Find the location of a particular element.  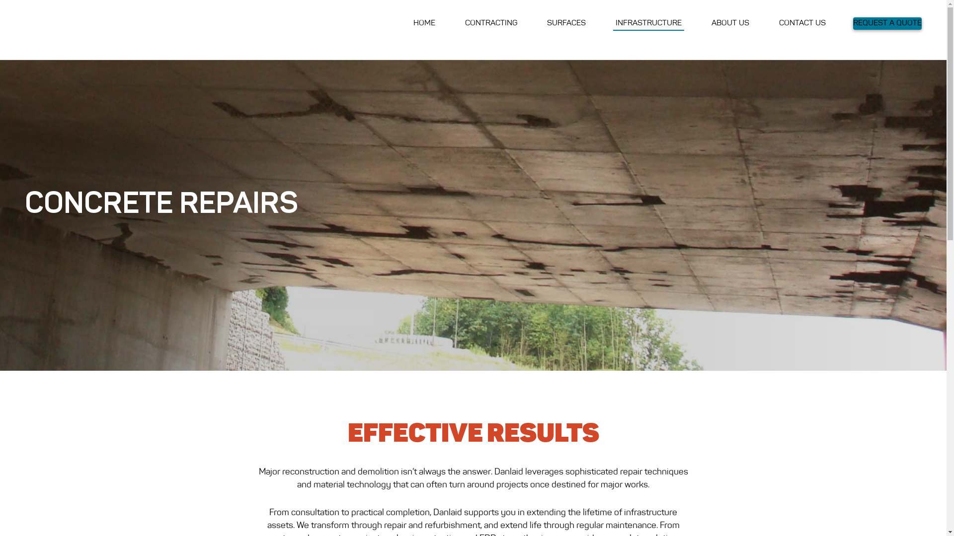

'REQUEST A QUOTE' is located at coordinates (887, 23).